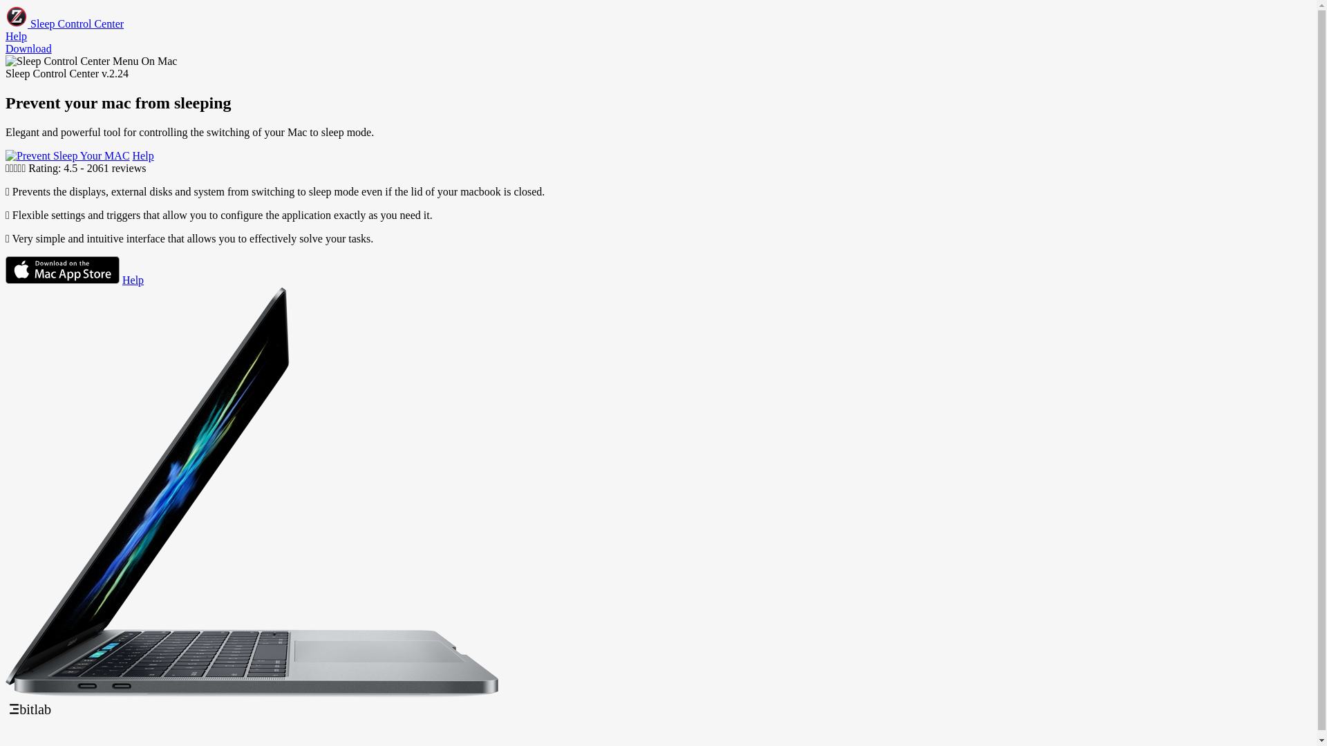  What do you see at coordinates (133, 155) in the screenshot?
I see `'Help'` at bounding box center [133, 155].